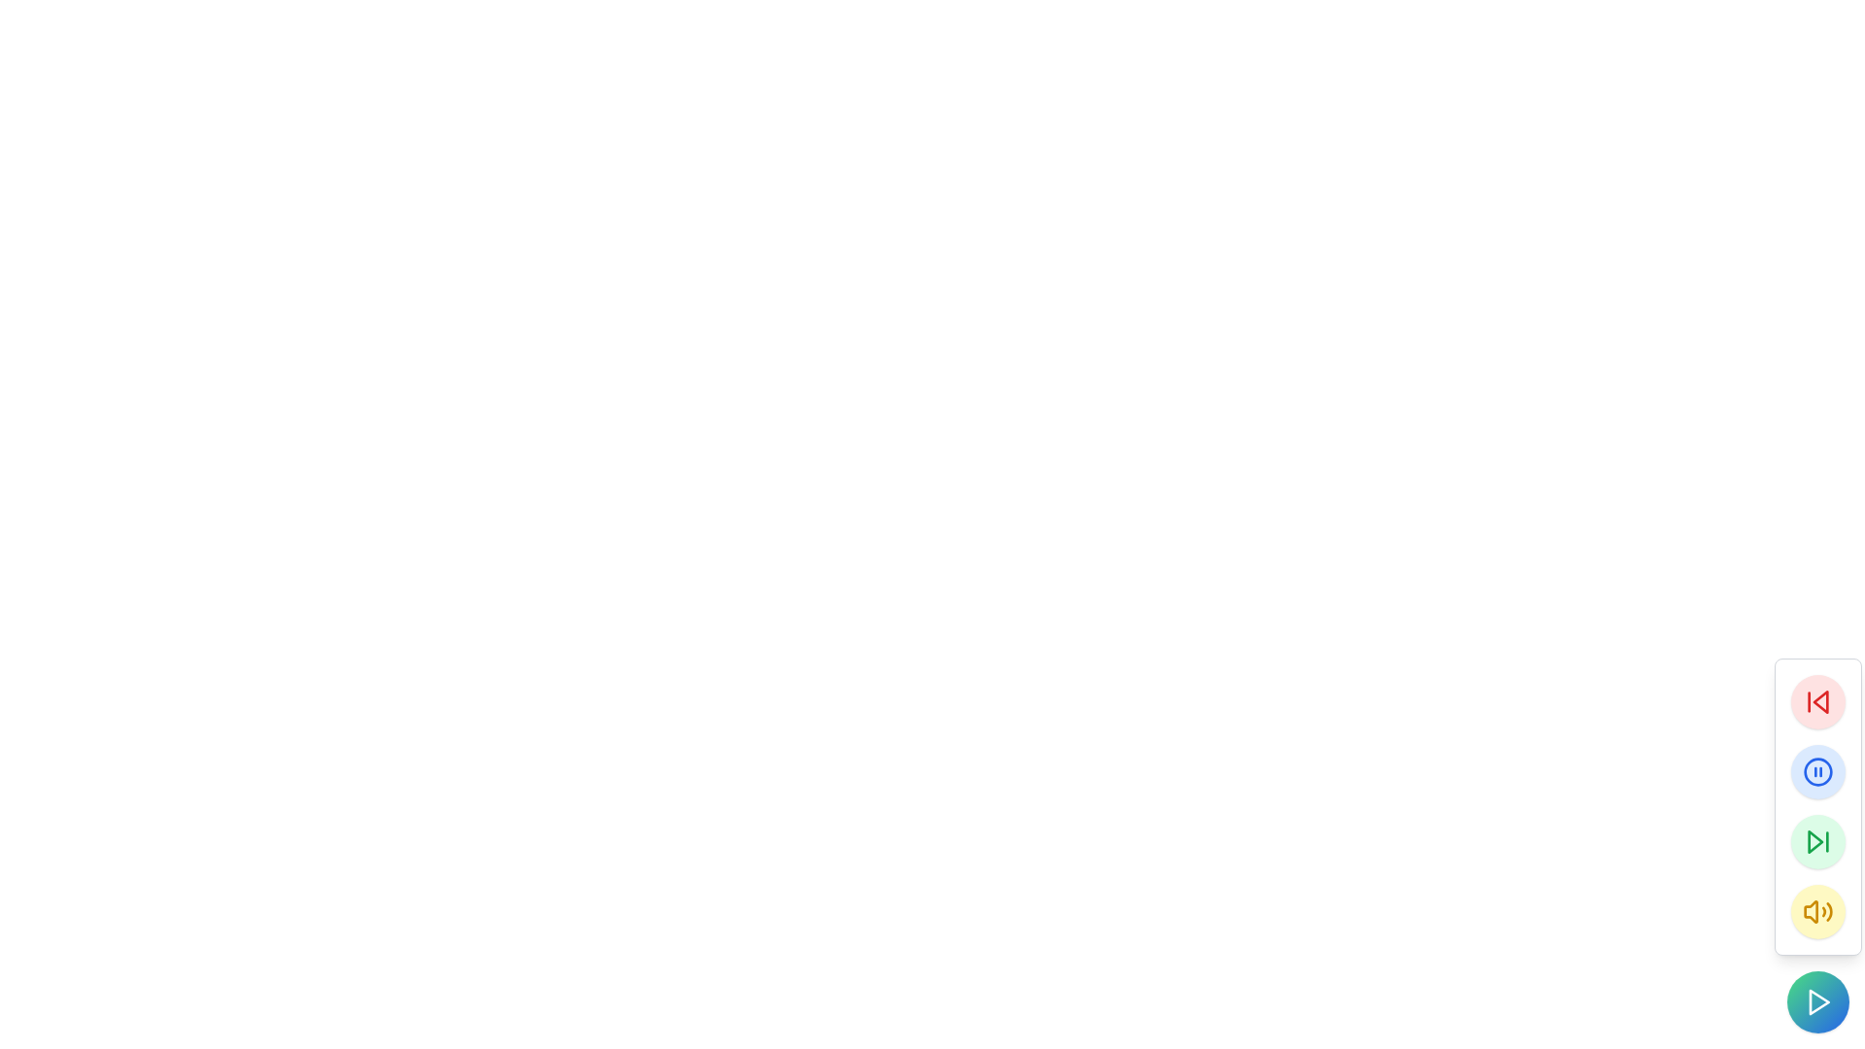 Image resolution: width=1865 pixels, height=1049 pixels. Describe the element at coordinates (1810, 911) in the screenshot. I see `the volume control icon located in the bottom-right corner of the interface` at that location.